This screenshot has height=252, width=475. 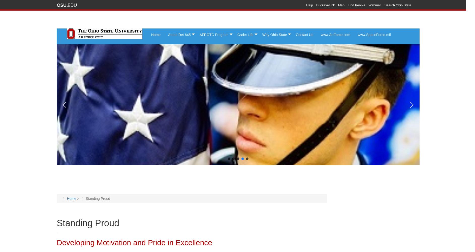 I want to click on 'www.AirForce.com', so click(x=320, y=35).